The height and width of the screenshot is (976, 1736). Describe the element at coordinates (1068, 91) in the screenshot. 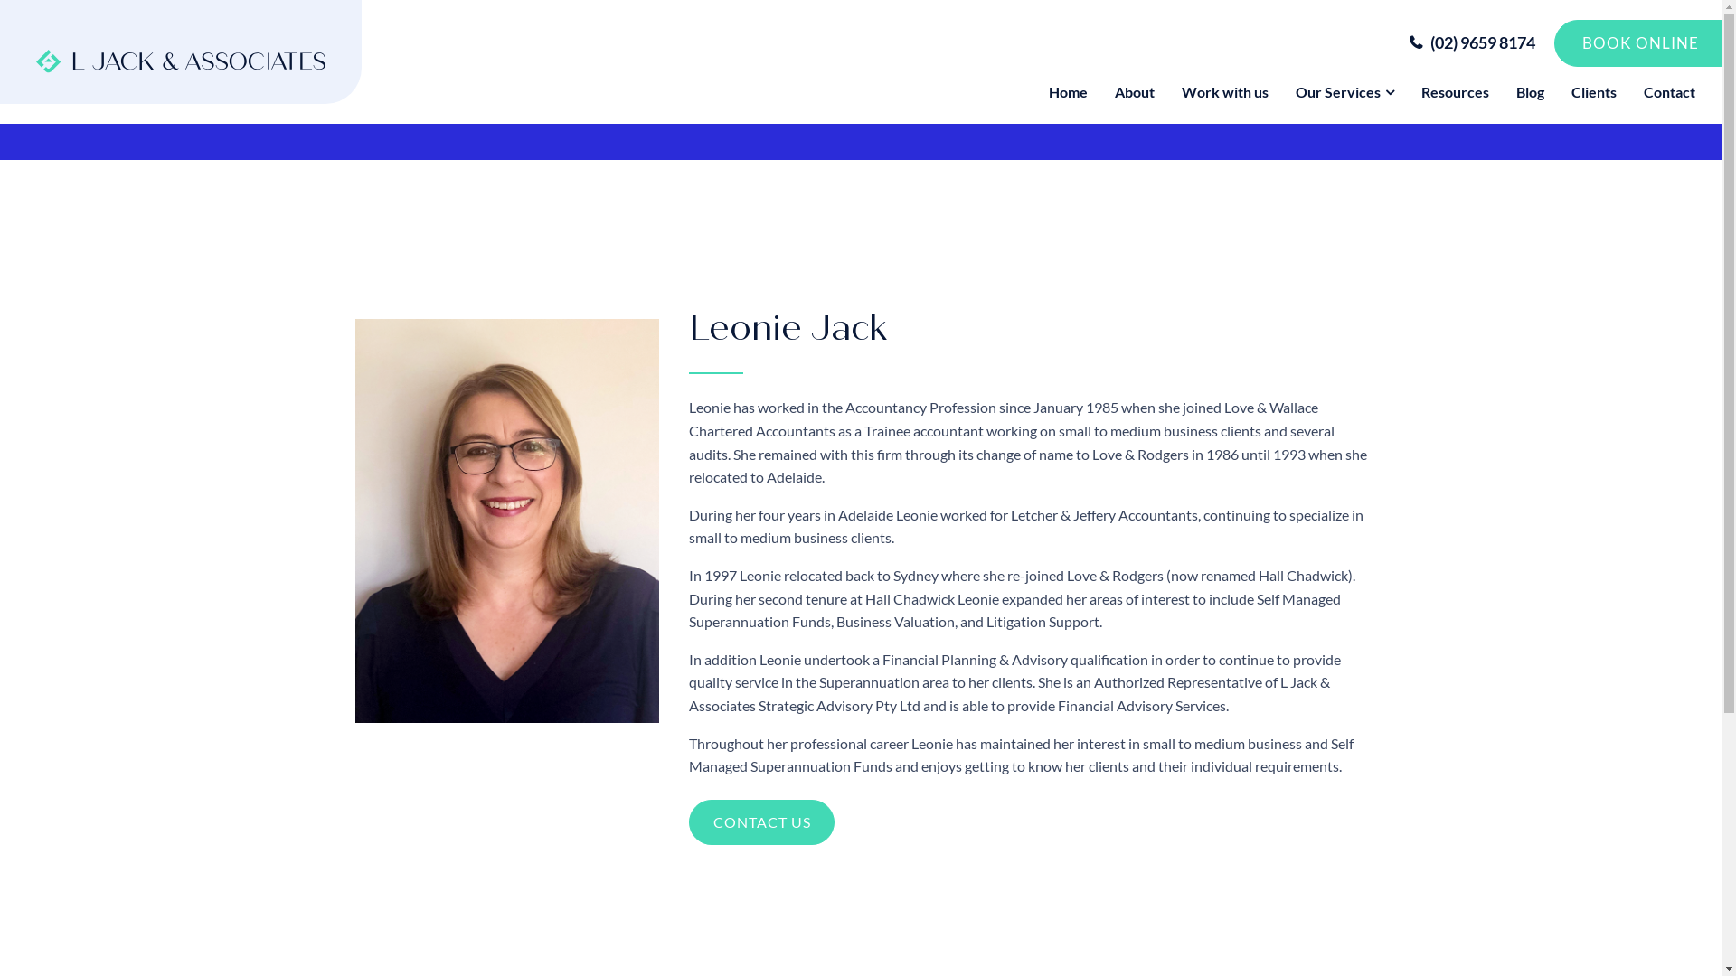

I see `'Home'` at that location.